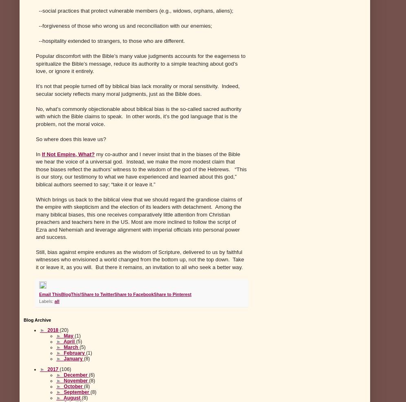 This screenshot has height=402, width=406. What do you see at coordinates (63, 330) in the screenshot?
I see `'(20)'` at bounding box center [63, 330].